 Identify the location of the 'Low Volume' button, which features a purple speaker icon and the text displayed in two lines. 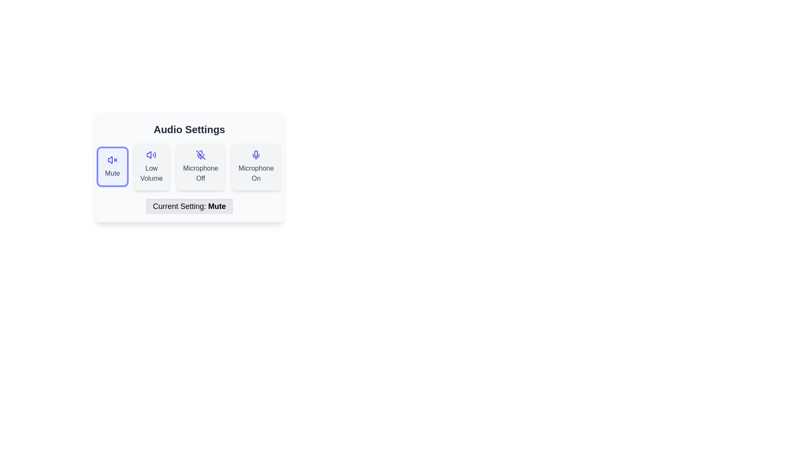
(151, 167).